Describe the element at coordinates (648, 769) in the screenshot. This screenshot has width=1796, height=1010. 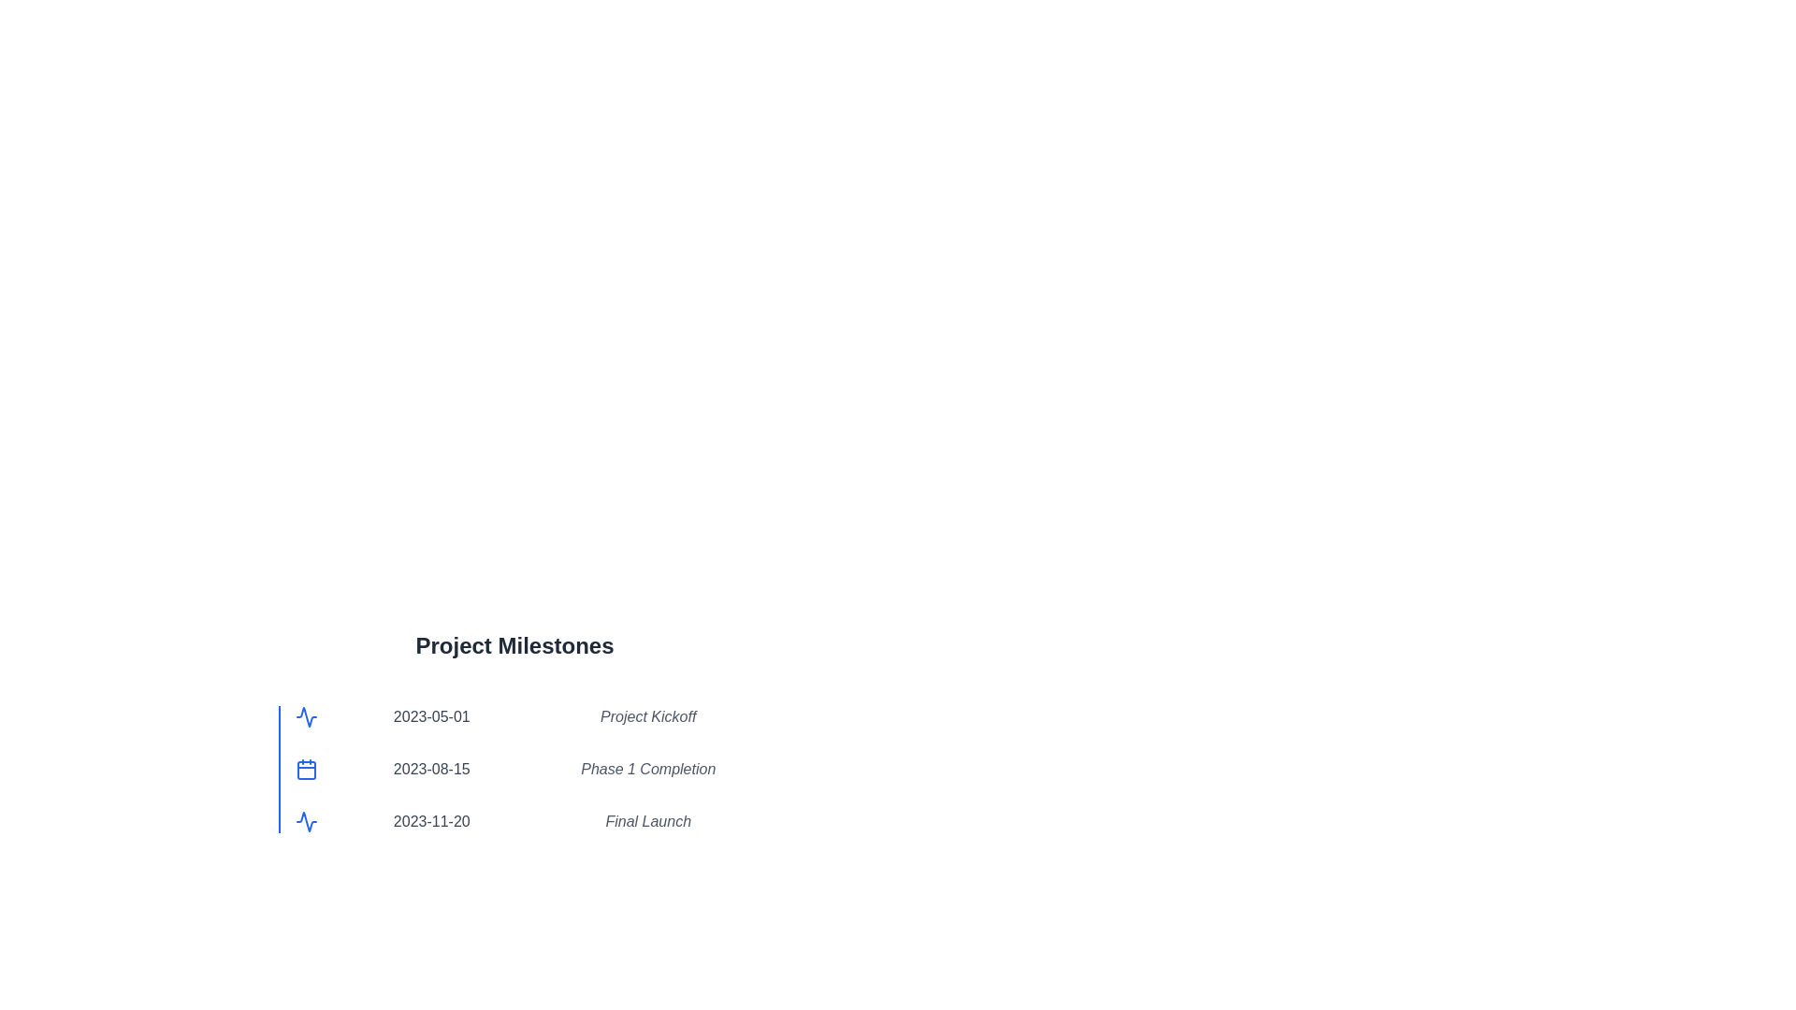
I see `the text label titled 'Phase 1 Completion', which is the second milestone description in a vertical list and is horizontally aligned with the date '2023-08-15'` at that location.